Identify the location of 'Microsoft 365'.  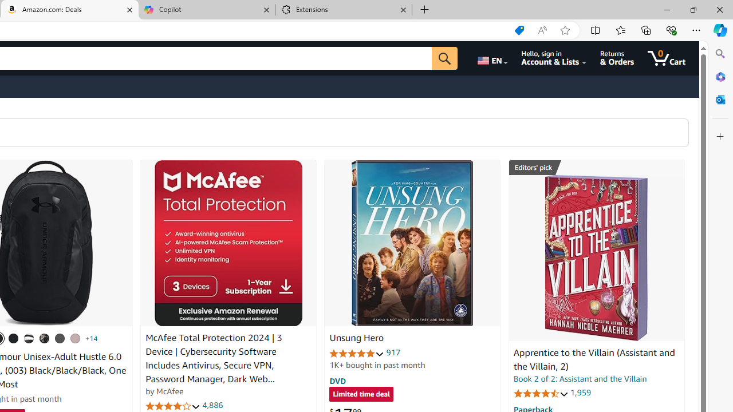
(720, 76).